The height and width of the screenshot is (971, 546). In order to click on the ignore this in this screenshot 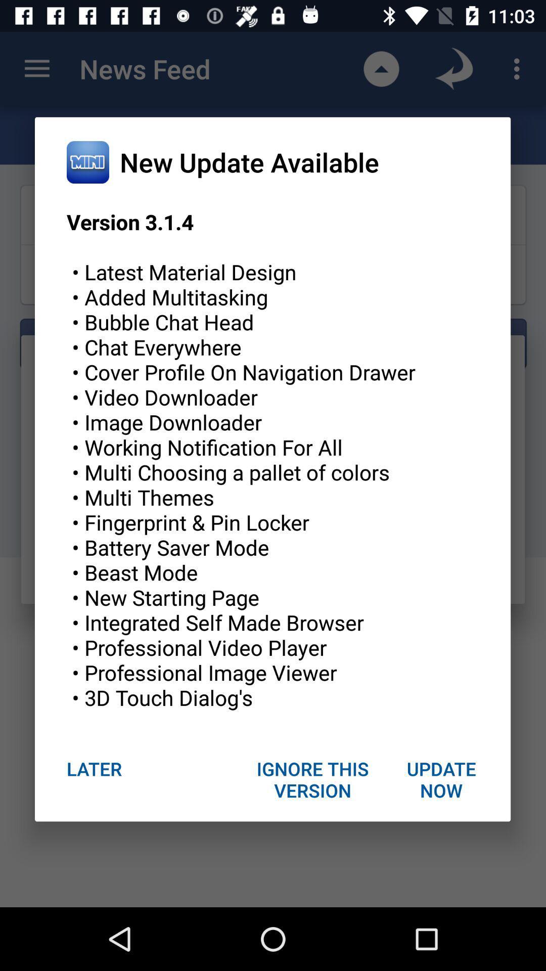, I will do `click(312, 779)`.